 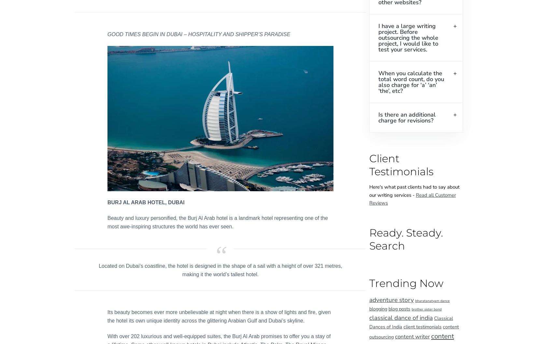 I want to click on 'Its beauty becomes ever more unbelievable at night when there is a show of lights and fire, given the hotel its own unique identity across the glittering Arabian Gulf and Dubai’s skyline.', so click(x=219, y=316).